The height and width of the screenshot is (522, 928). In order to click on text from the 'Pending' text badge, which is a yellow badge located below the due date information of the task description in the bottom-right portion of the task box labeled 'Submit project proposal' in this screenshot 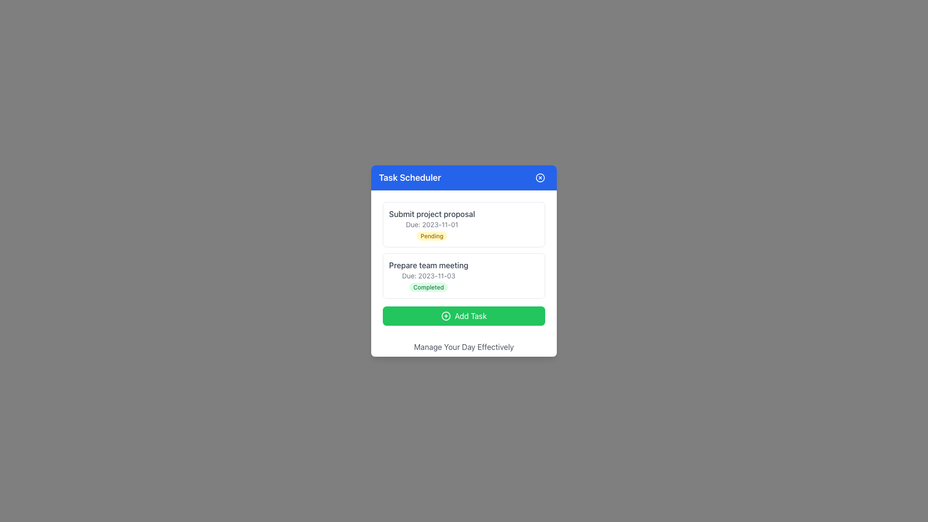, I will do `click(431, 236)`.